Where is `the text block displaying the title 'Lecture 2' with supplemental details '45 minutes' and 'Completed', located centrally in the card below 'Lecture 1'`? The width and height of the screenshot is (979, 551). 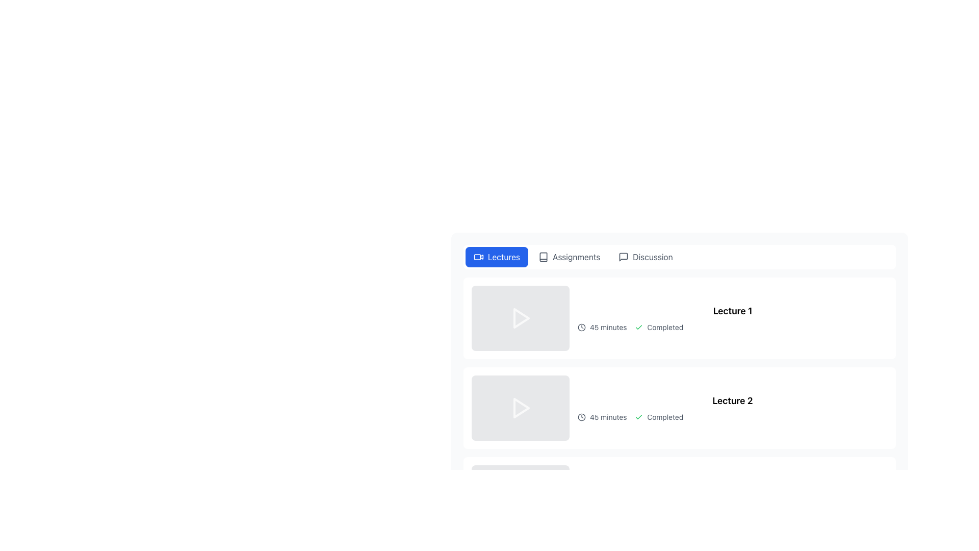
the text block displaying the title 'Lecture 2' with supplemental details '45 minutes' and 'Completed', located centrally in the card below 'Lecture 1' is located at coordinates (732, 407).